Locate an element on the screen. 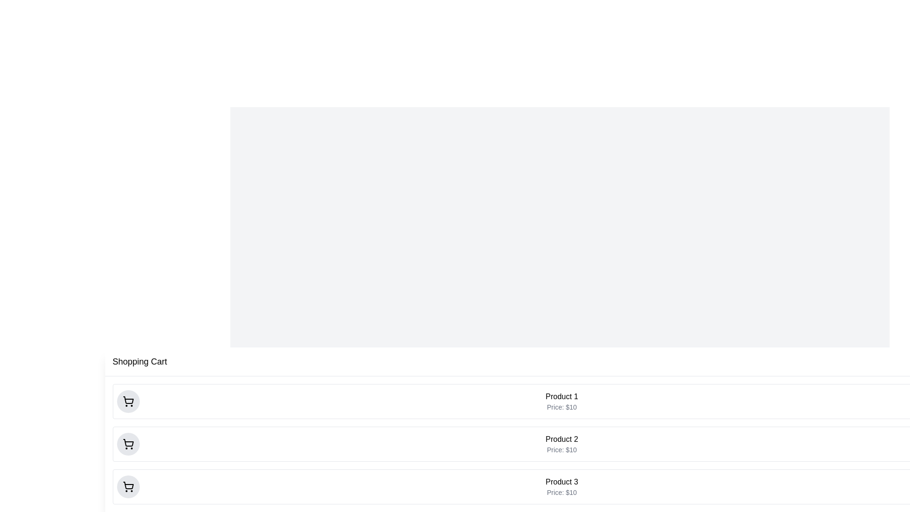 This screenshot has height=512, width=910. the Text Label that serves as a descriptive title for the shopping cart overview, positioned at the far left of the header section is located at coordinates (139, 362).